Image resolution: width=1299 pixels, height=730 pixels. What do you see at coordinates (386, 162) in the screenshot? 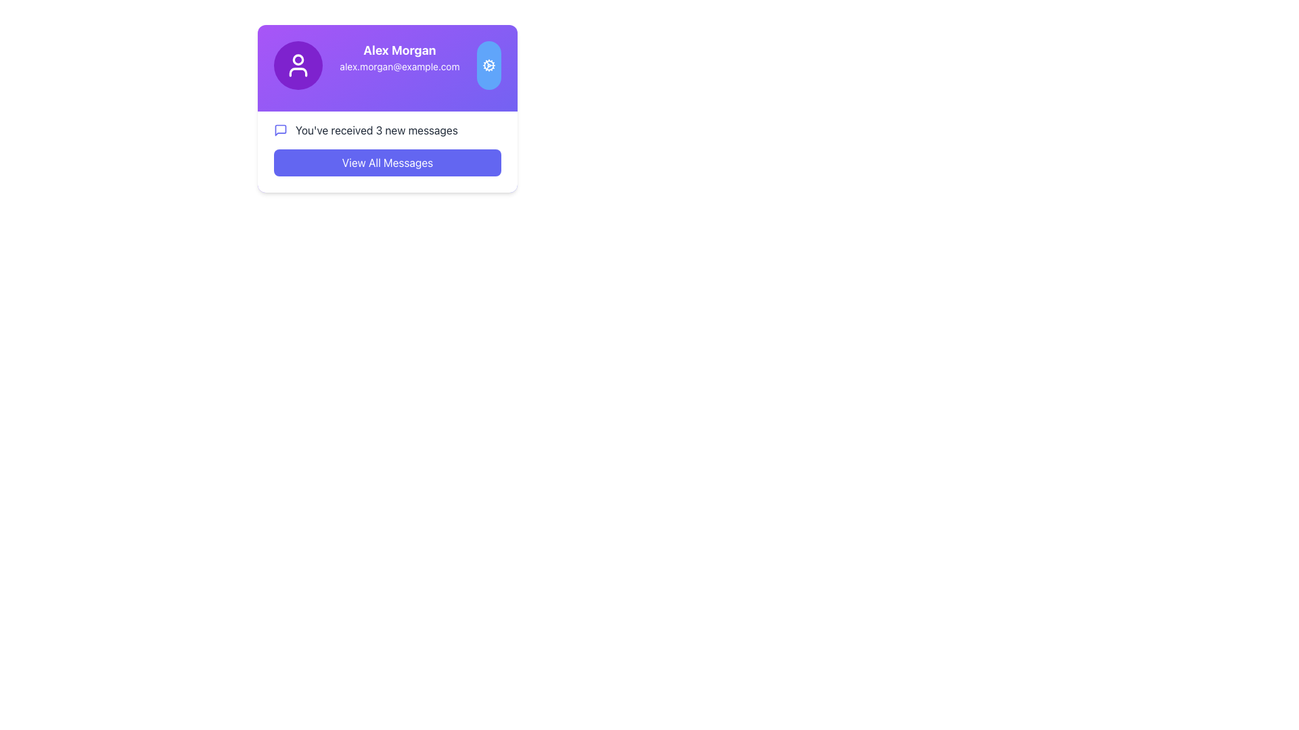
I see `the button labeled 'View All Messages'` at bounding box center [386, 162].